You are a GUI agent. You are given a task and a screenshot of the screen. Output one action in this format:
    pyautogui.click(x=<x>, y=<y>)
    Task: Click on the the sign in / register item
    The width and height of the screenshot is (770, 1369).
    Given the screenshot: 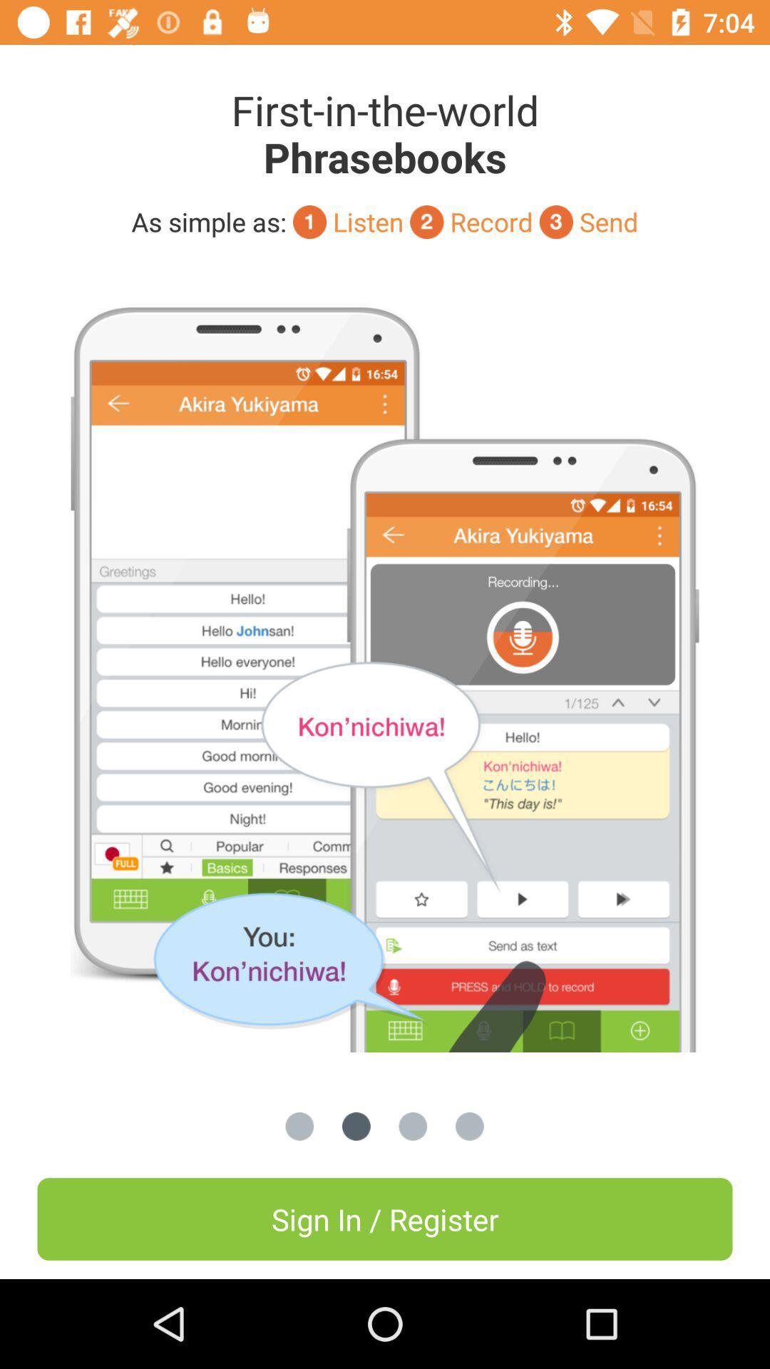 What is the action you would take?
    pyautogui.click(x=385, y=1218)
    